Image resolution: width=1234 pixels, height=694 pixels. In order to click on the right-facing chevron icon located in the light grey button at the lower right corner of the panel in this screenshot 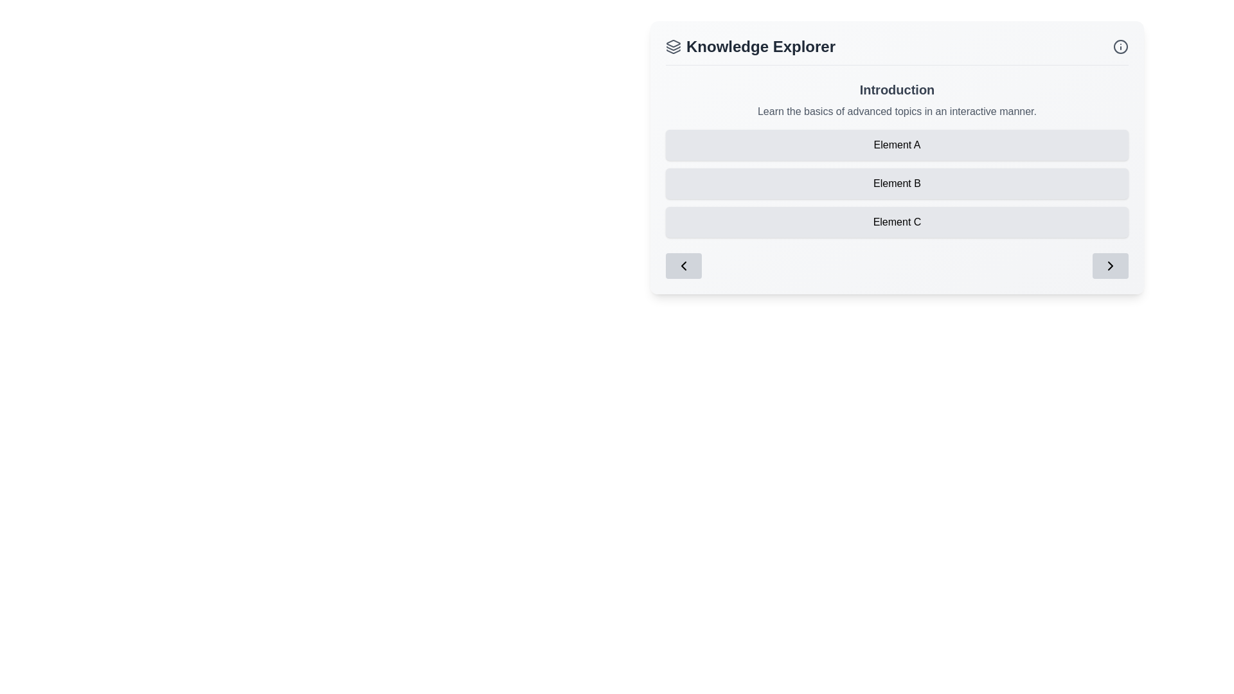, I will do `click(1110, 265)`.